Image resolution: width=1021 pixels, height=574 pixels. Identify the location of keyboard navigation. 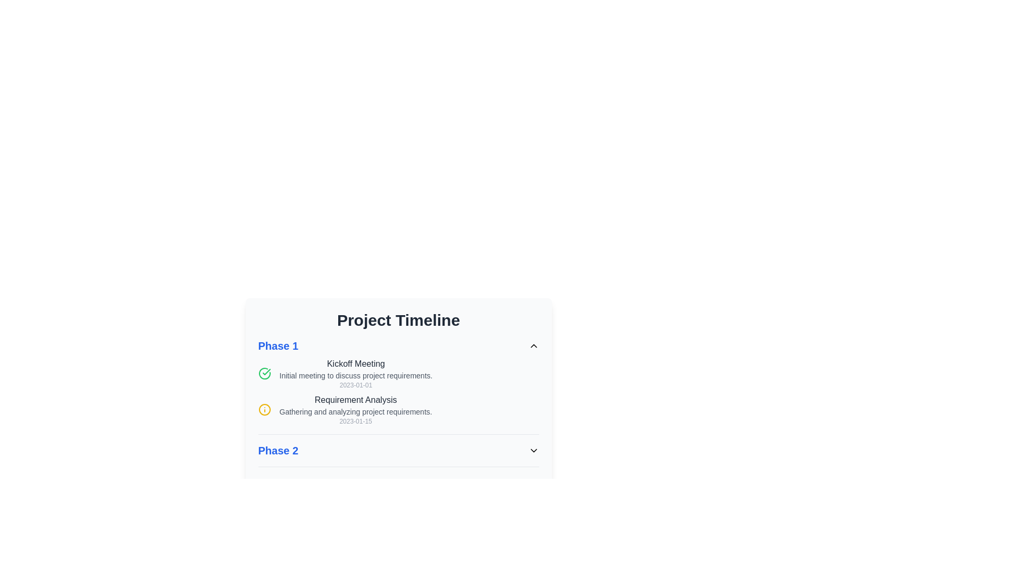
(398, 373).